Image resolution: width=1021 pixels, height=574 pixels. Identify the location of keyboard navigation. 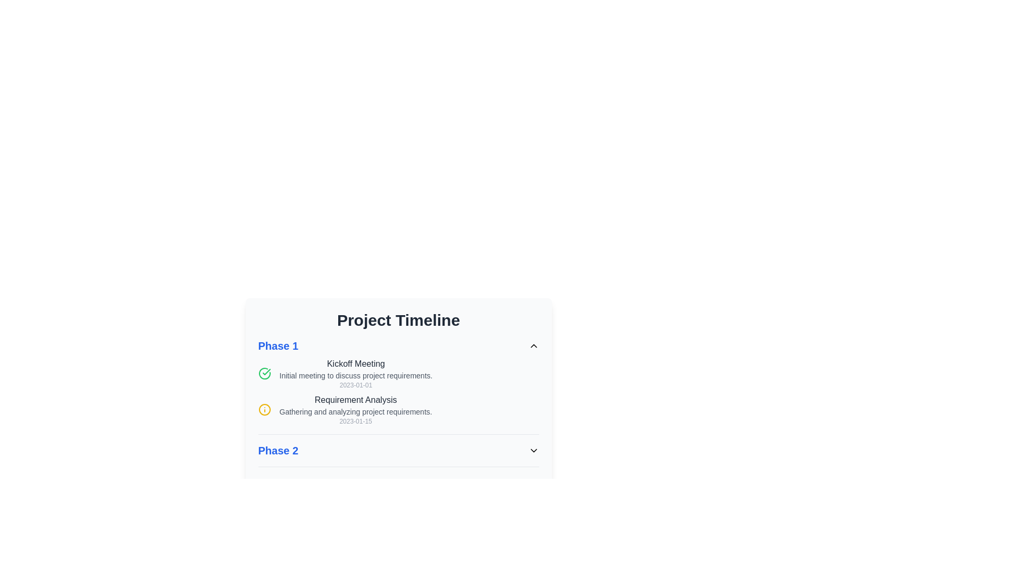
(398, 373).